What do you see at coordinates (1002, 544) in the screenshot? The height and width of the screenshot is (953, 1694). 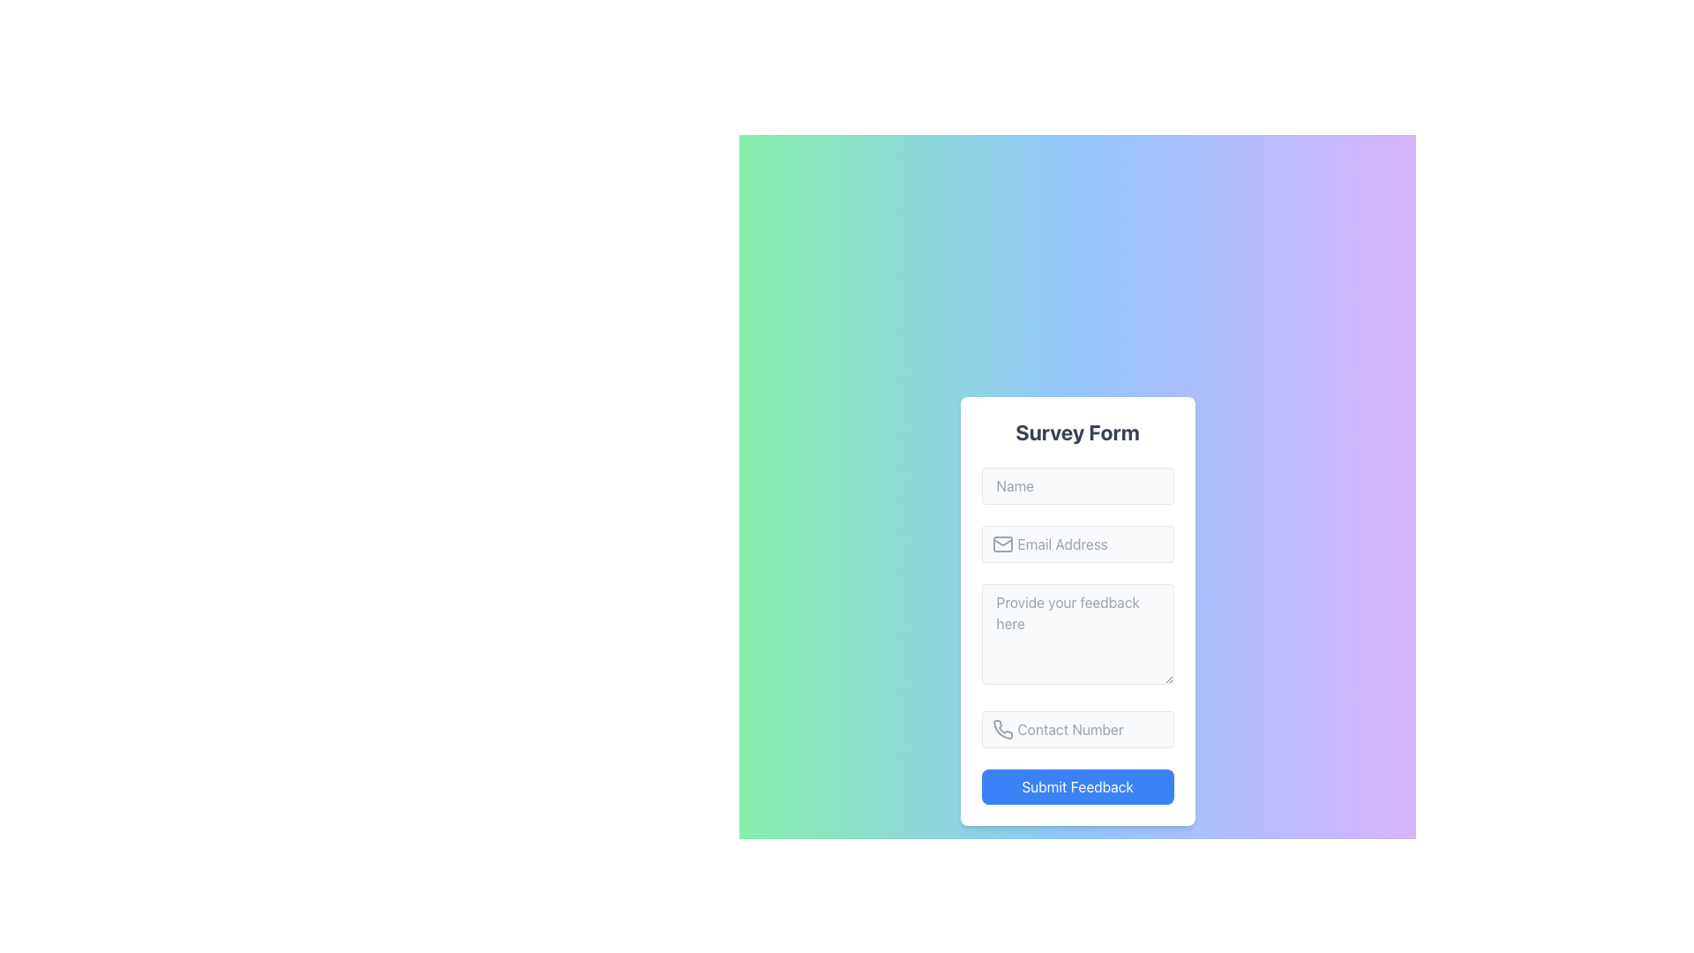 I see `the envelope SVG icon that visually indicates the purpose of the adjacent email input field, positioned to the left of the input field` at bounding box center [1002, 544].